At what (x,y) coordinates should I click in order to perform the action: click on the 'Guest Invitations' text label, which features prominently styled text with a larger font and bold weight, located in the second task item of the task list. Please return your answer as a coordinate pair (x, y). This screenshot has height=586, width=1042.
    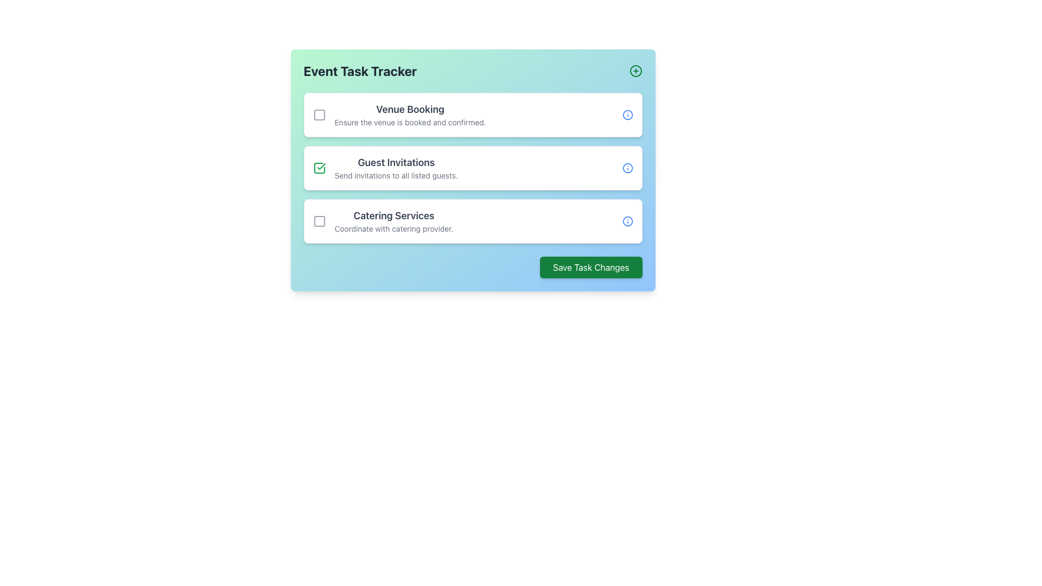
    Looking at the image, I should click on (396, 168).